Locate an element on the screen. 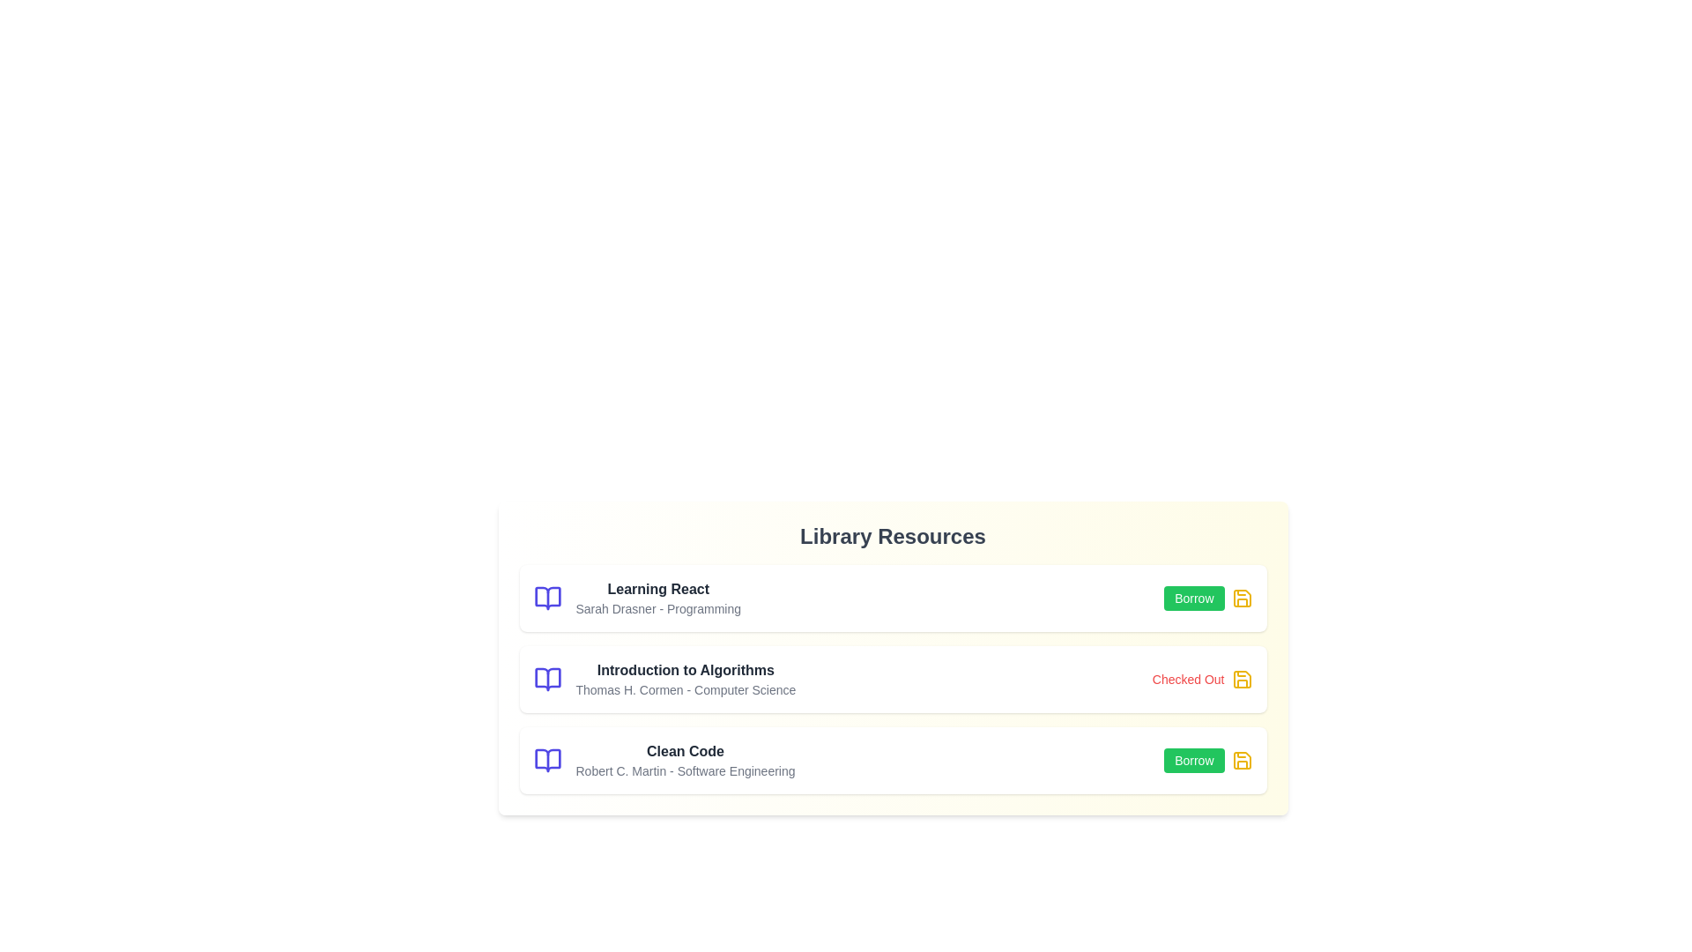 The image size is (1692, 952). 'Save' icon for the resource titled 'Introduction to Algorithms' is located at coordinates (1241, 679).